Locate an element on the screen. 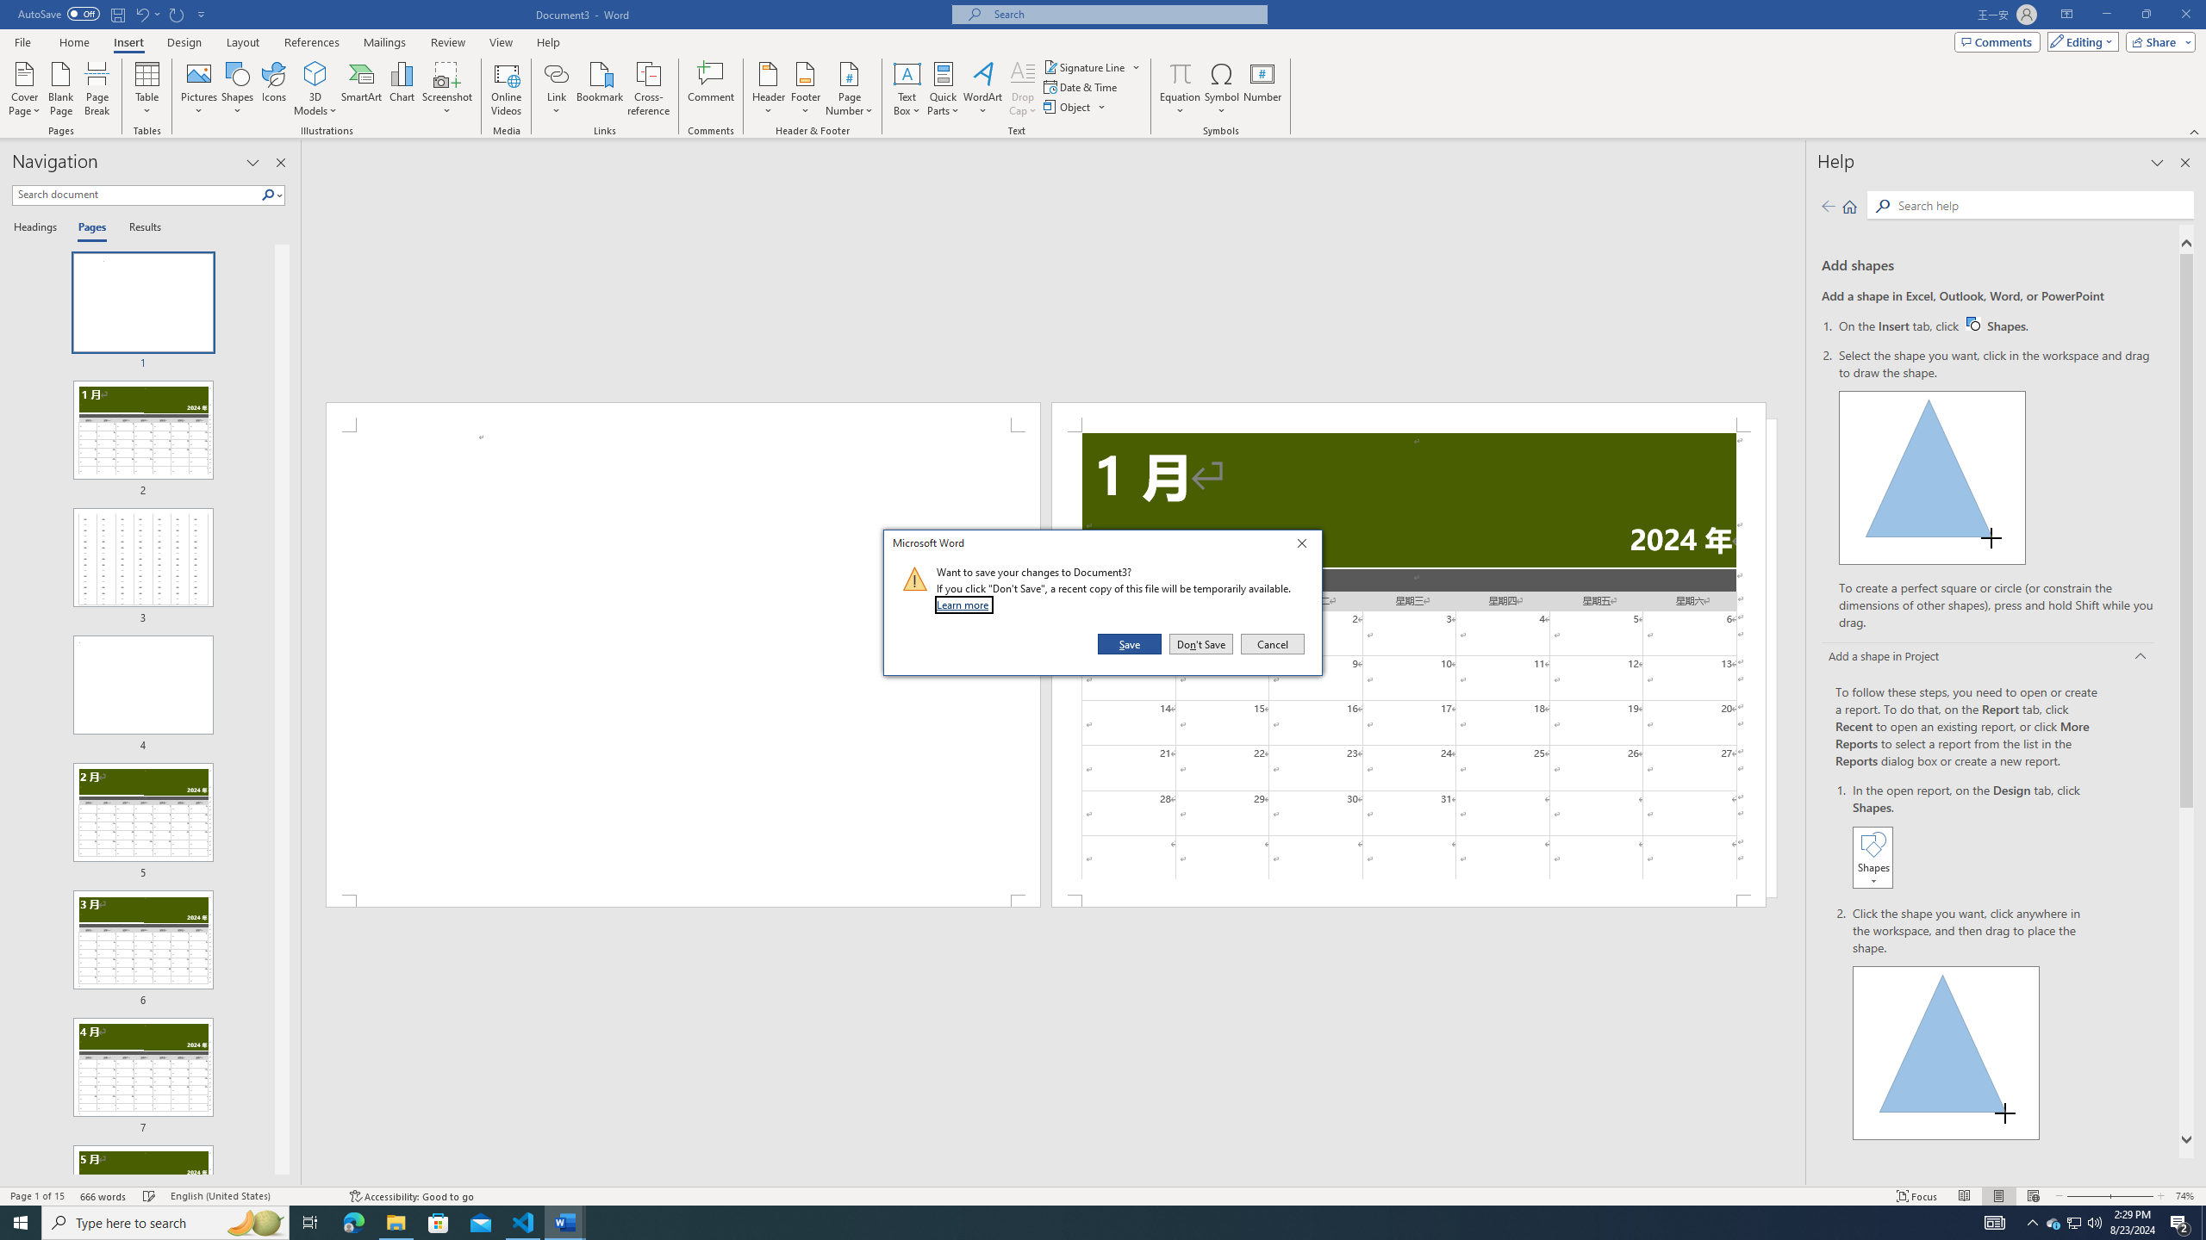 This screenshot has width=2206, height=1240. 'Signature Line' is located at coordinates (1085, 66).